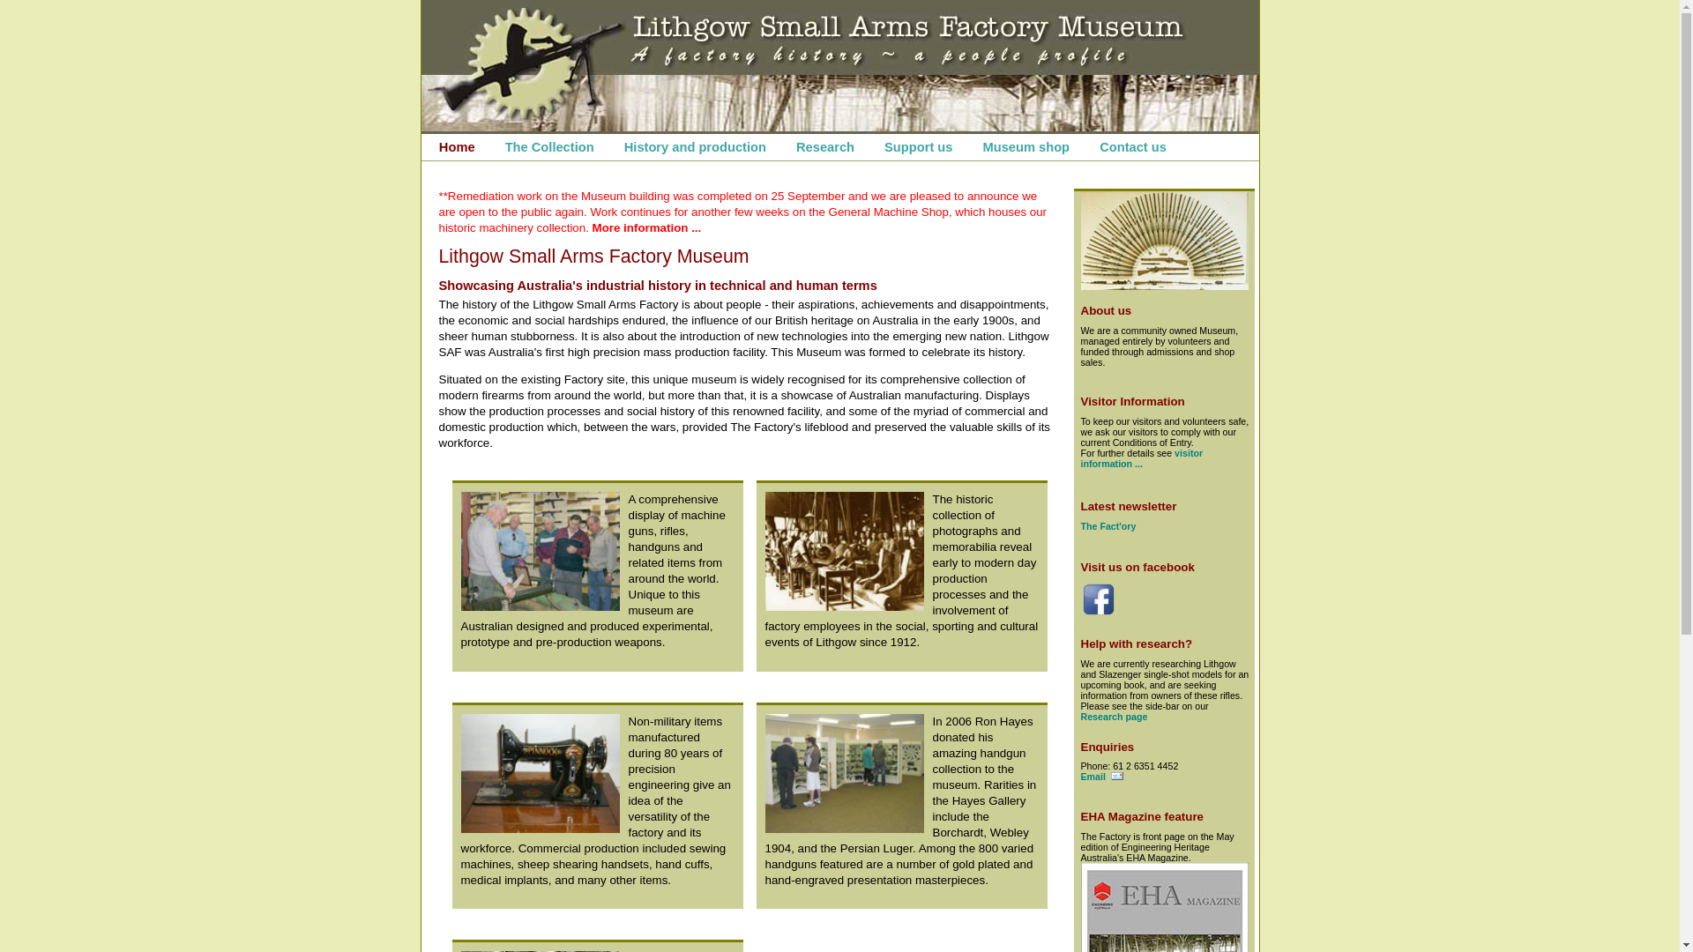 This screenshot has height=952, width=1693. I want to click on 'visitor information ...', so click(1079, 457).